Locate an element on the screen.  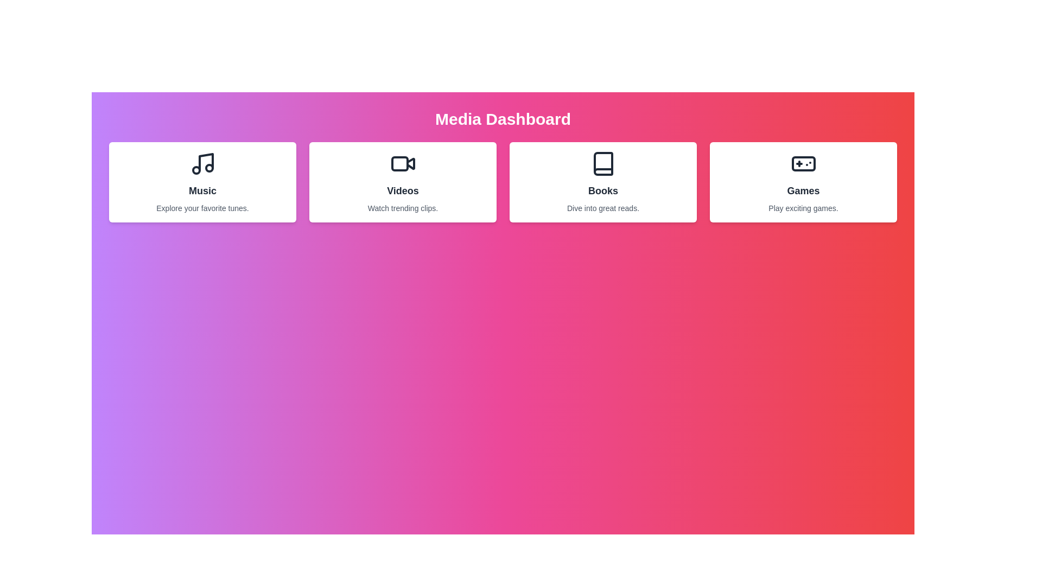
the description text element located below the 'Games' text in the rightmost card of a four-column layout, centered vertically is located at coordinates (803, 208).